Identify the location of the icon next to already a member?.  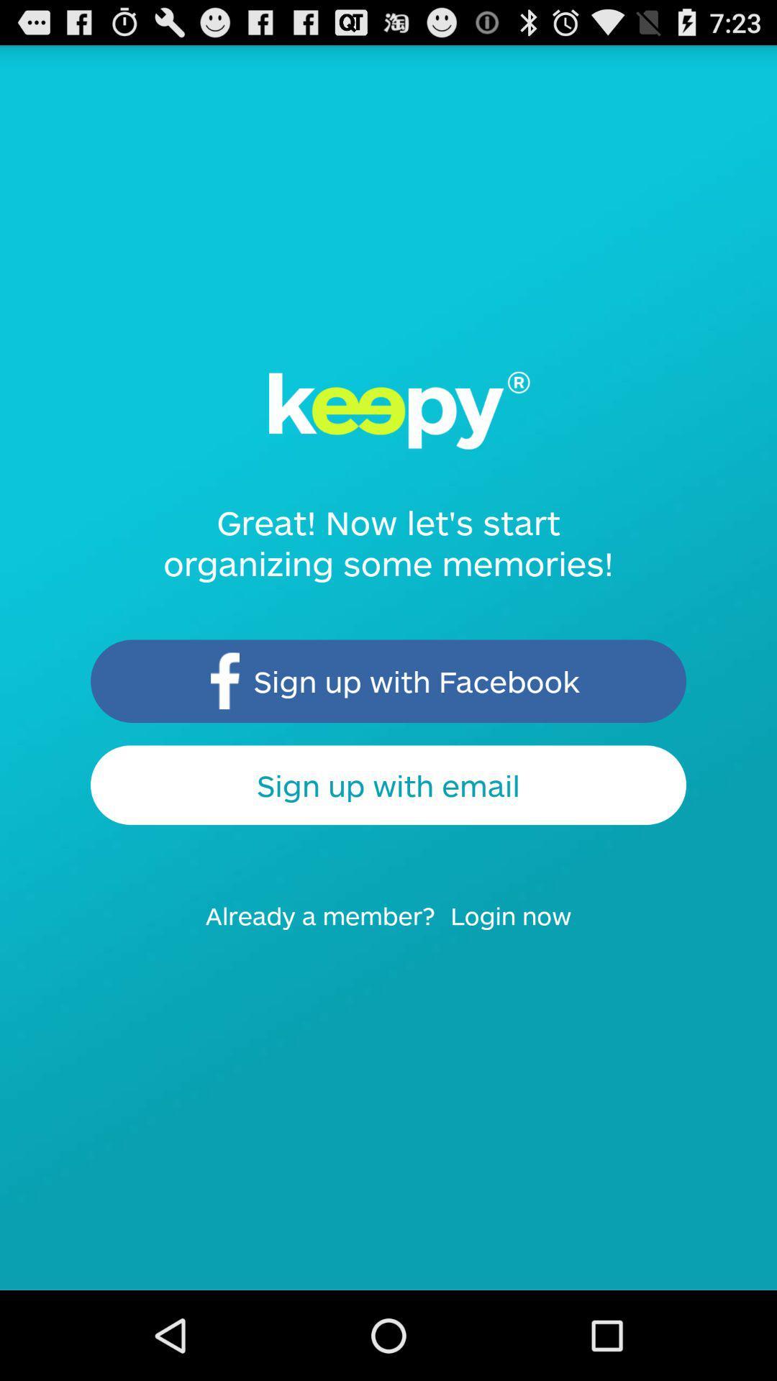
(520, 929).